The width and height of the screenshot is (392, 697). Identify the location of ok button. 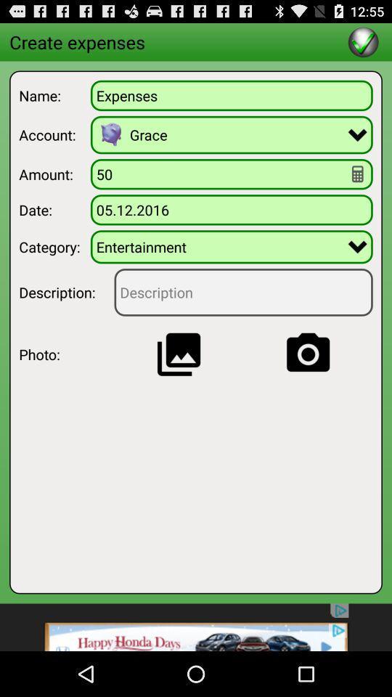
(362, 41).